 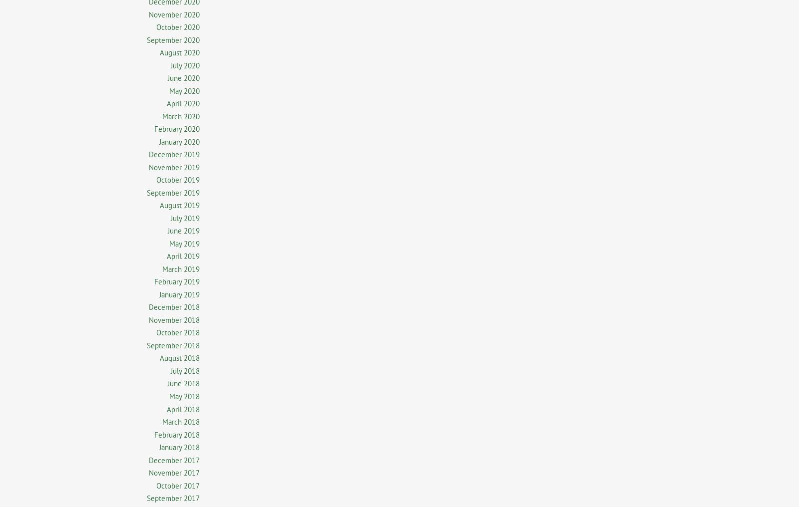 I want to click on 'September 2018', so click(x=173, y=344).